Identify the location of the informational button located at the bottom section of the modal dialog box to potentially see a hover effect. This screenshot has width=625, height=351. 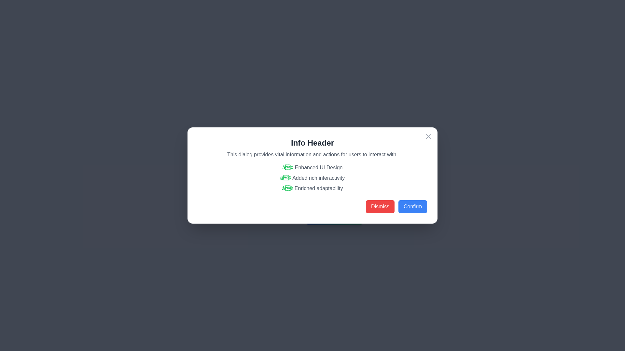
(334, 218).